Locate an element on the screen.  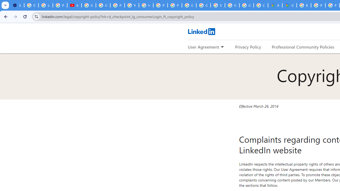
'LinkedIn Logo' is located at coordinates (201, 31).